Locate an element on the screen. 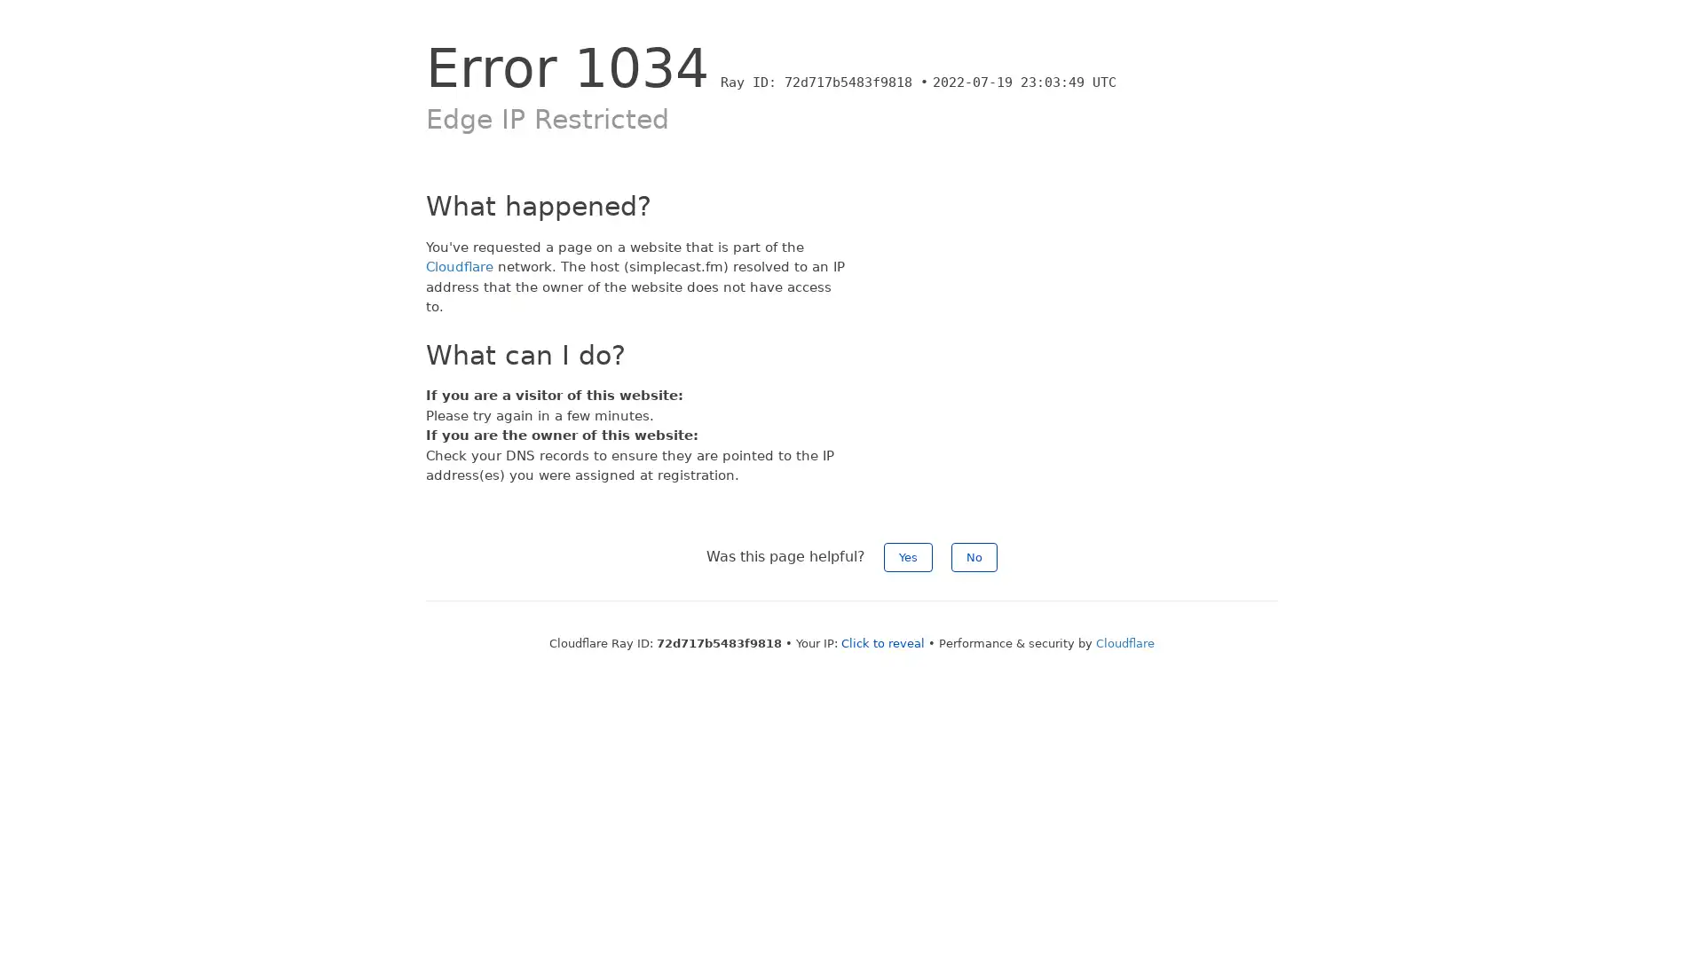 This screenshot has height=958, width=1704. Click to reveal is located at coordinates (882, 642).